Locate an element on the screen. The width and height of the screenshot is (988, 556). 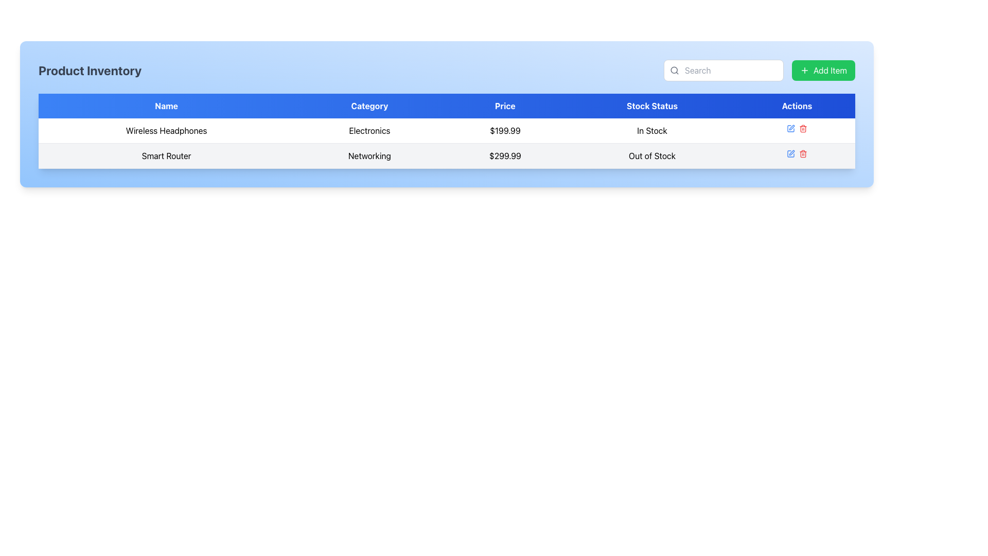
the static text label displaying 'Category', which is centered within a blue rectangular area in the header bar of the table is located at coordinates (369, 106).